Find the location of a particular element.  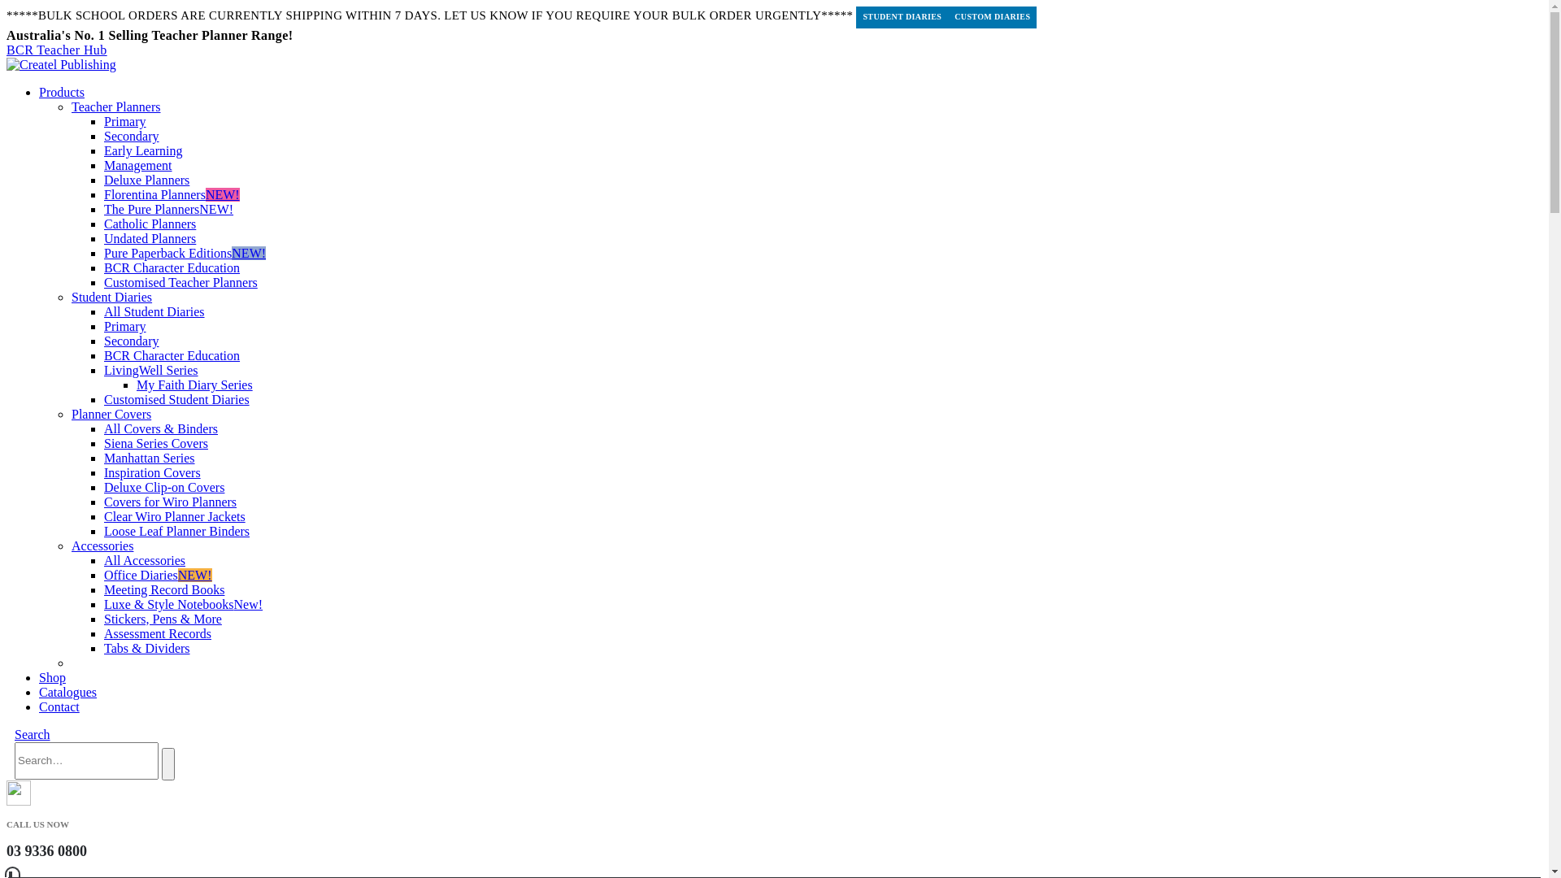

'Meeting Record Books' is located at coordinates (163, 589).